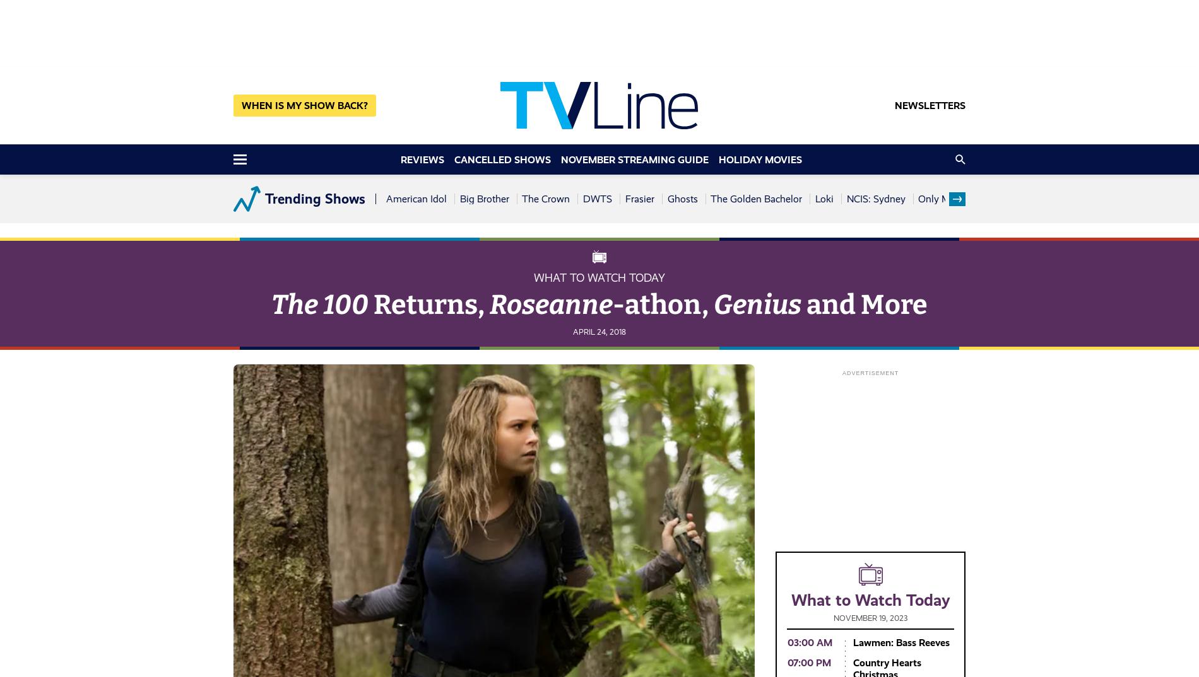 The width and height of the screenshot is (1199, 677). Describe the element at coordinates (710, 199) in the screenshot. I see `'The Golden Bachelor'` at that location.